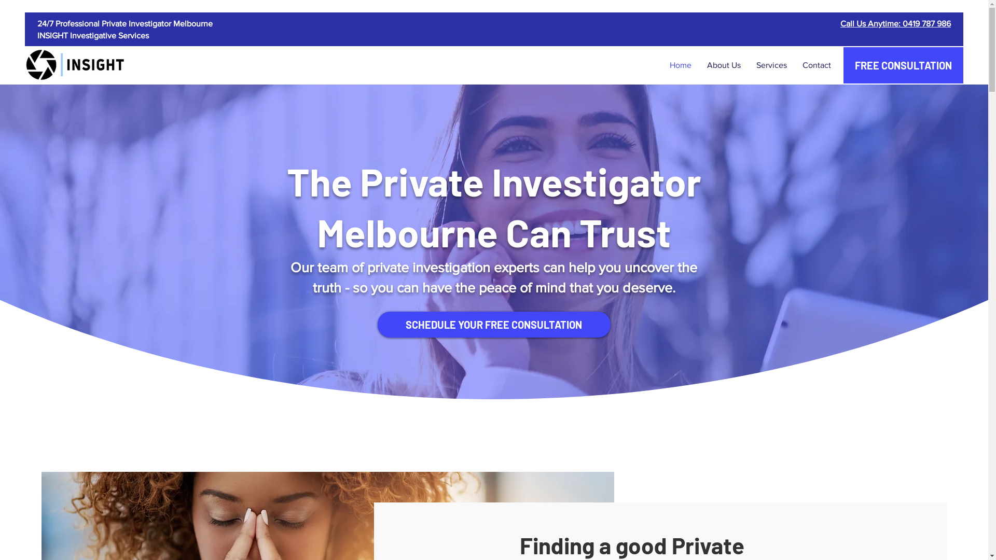 This screenshot has width=996, height=560. Describe the element at coordinates (723, 65) in the screenshot. I see `'About Us'` at that location.